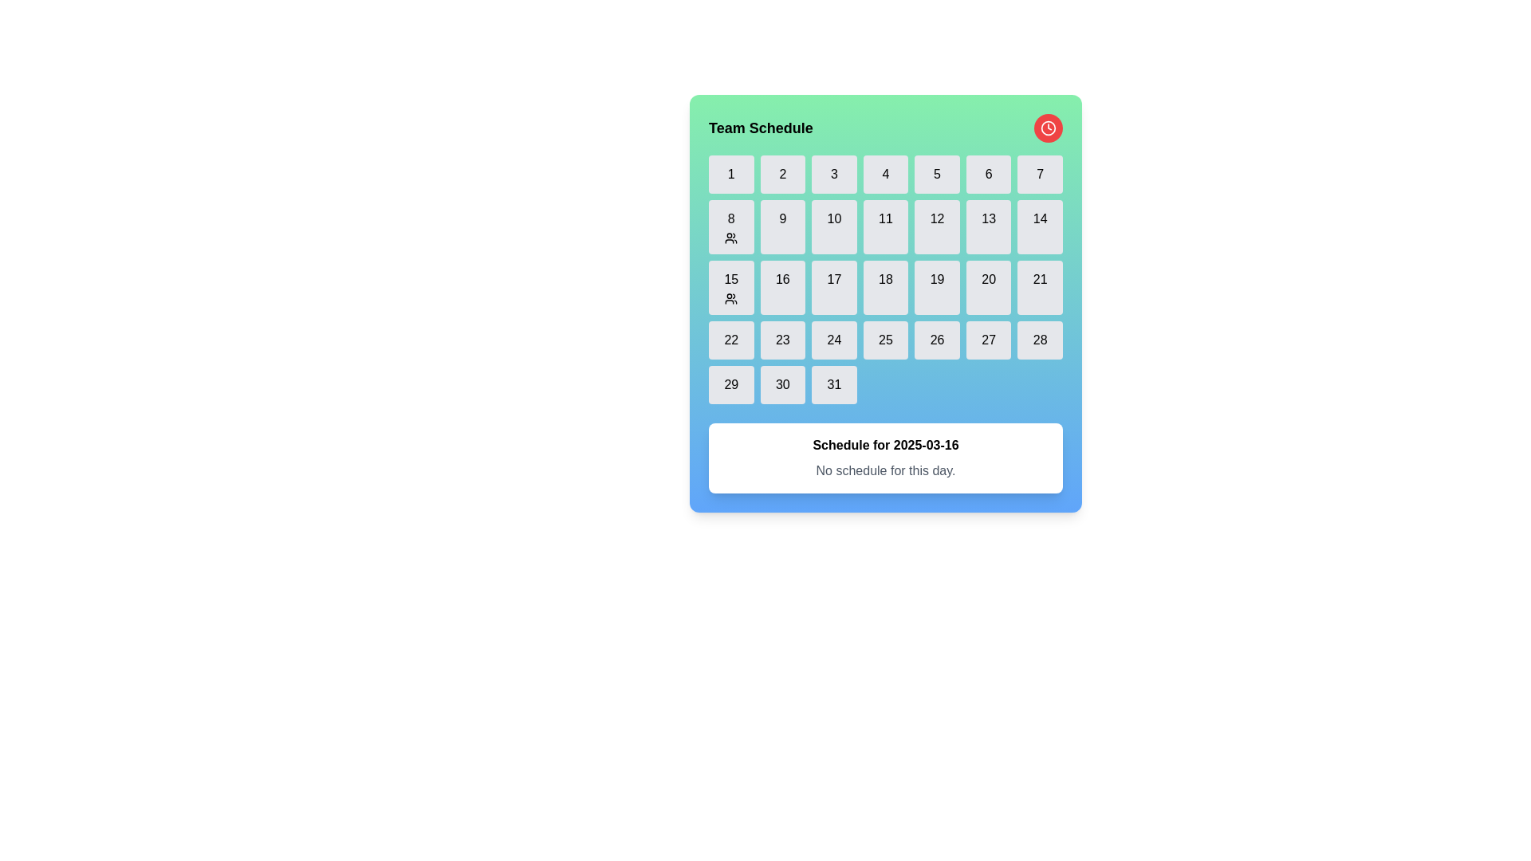  What do you see at coordinates (937, 279) in the screenshot?
I see `the date '19' in the calendar interface, which is located in the fourth row and third column of the grid` at bounding box center [937, 279].